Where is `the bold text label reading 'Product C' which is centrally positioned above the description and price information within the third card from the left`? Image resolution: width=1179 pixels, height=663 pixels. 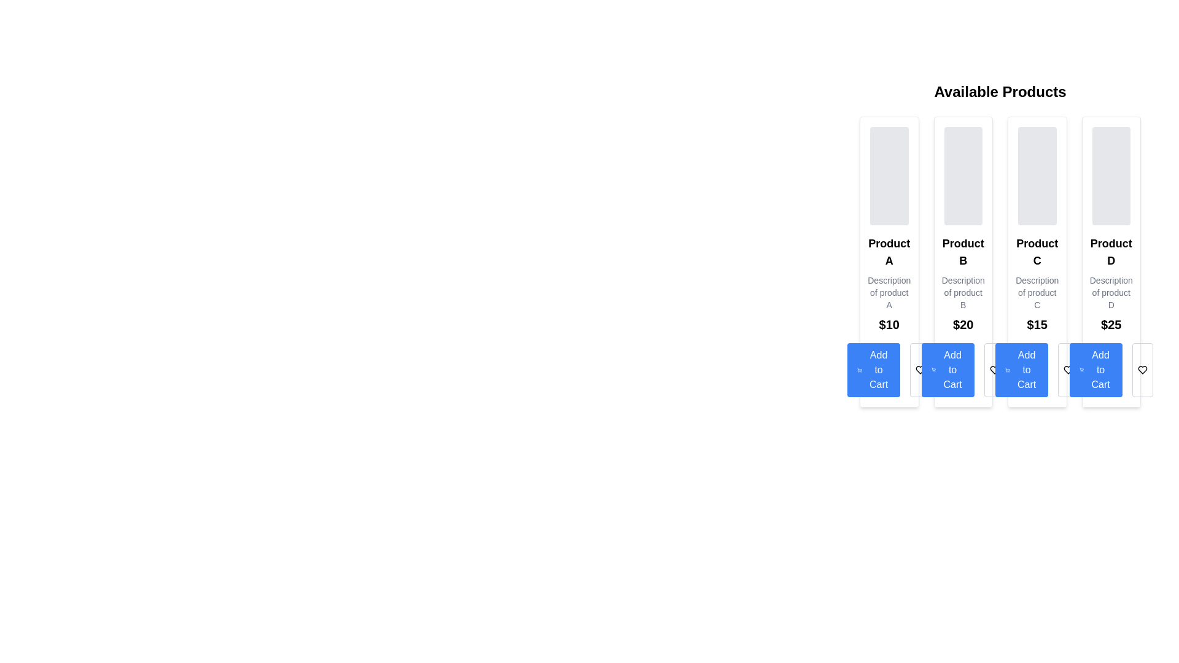
the bold text label reading 'Product C' which is centrally positioned above the description and price information within the third card from the left is located at coordinates (1037, 252).